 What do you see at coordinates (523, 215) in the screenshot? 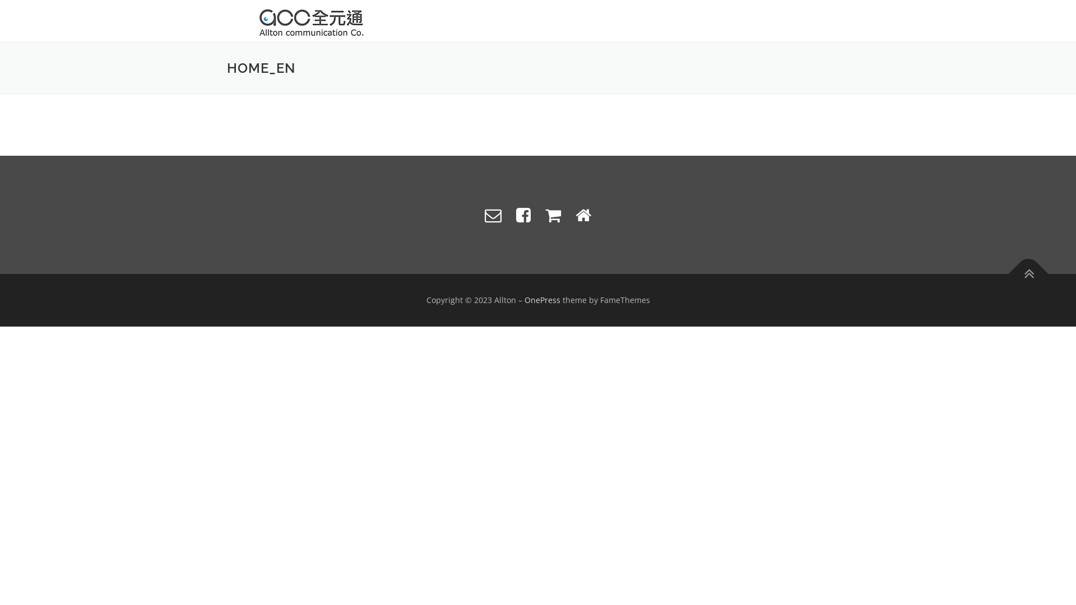
I see `'FB'` at bounding box center [523, 215].